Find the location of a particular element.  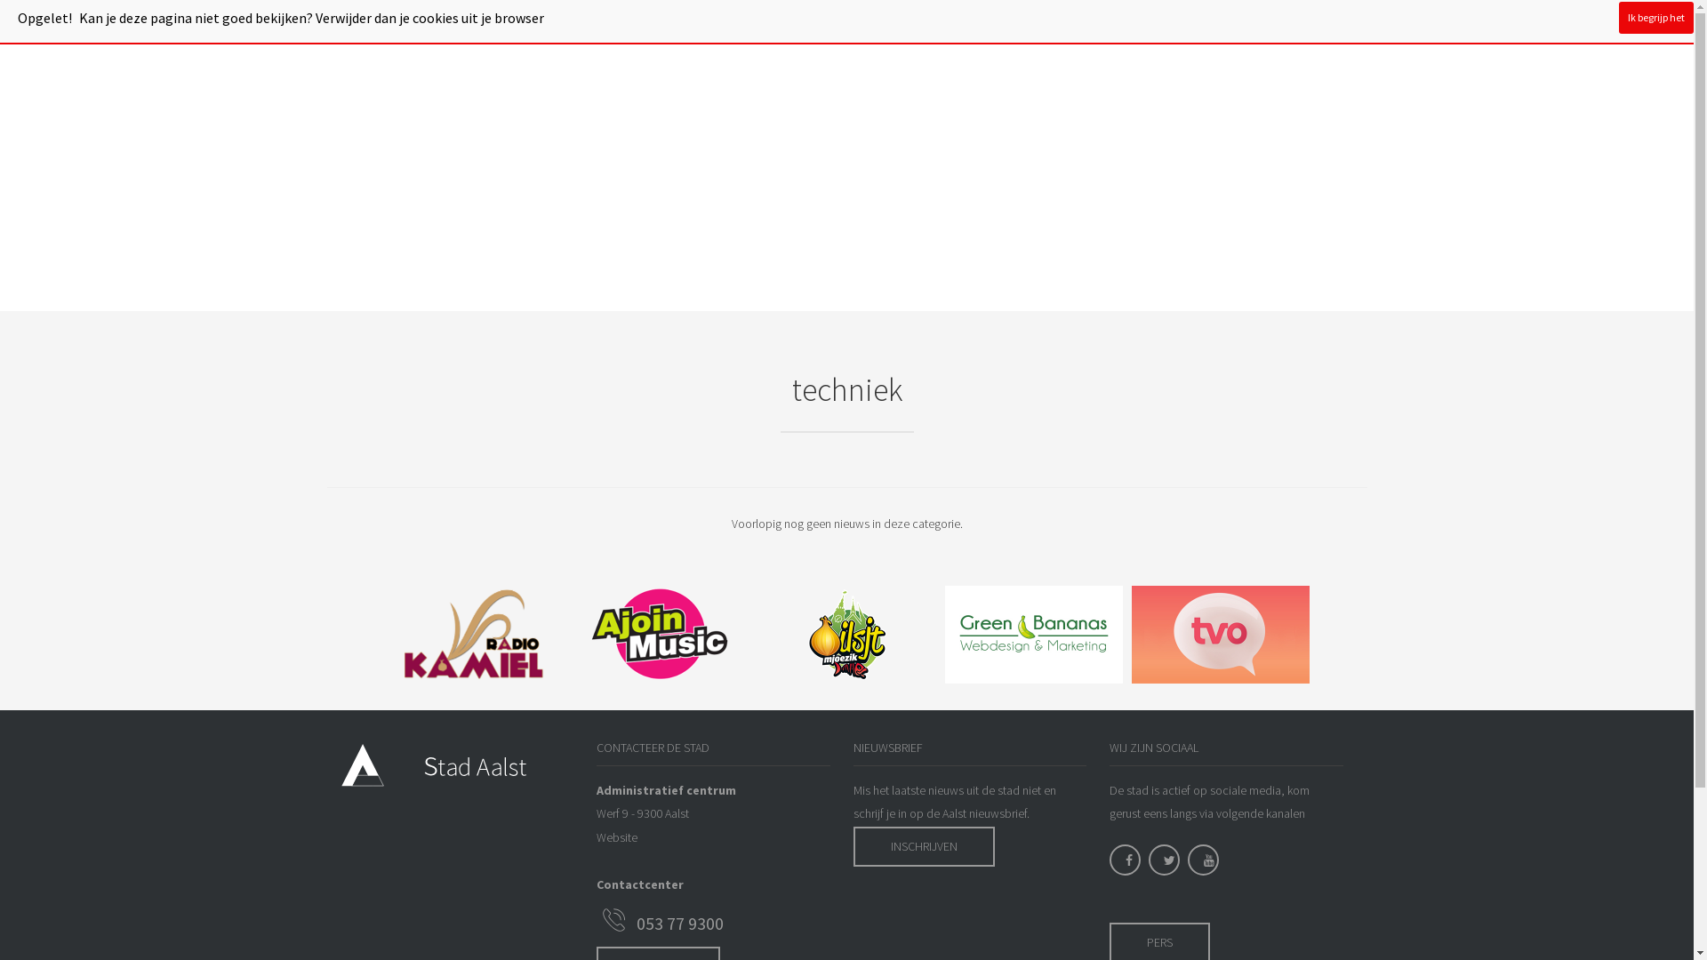

'ACADEMIE' is located at coordinates (768, 22).